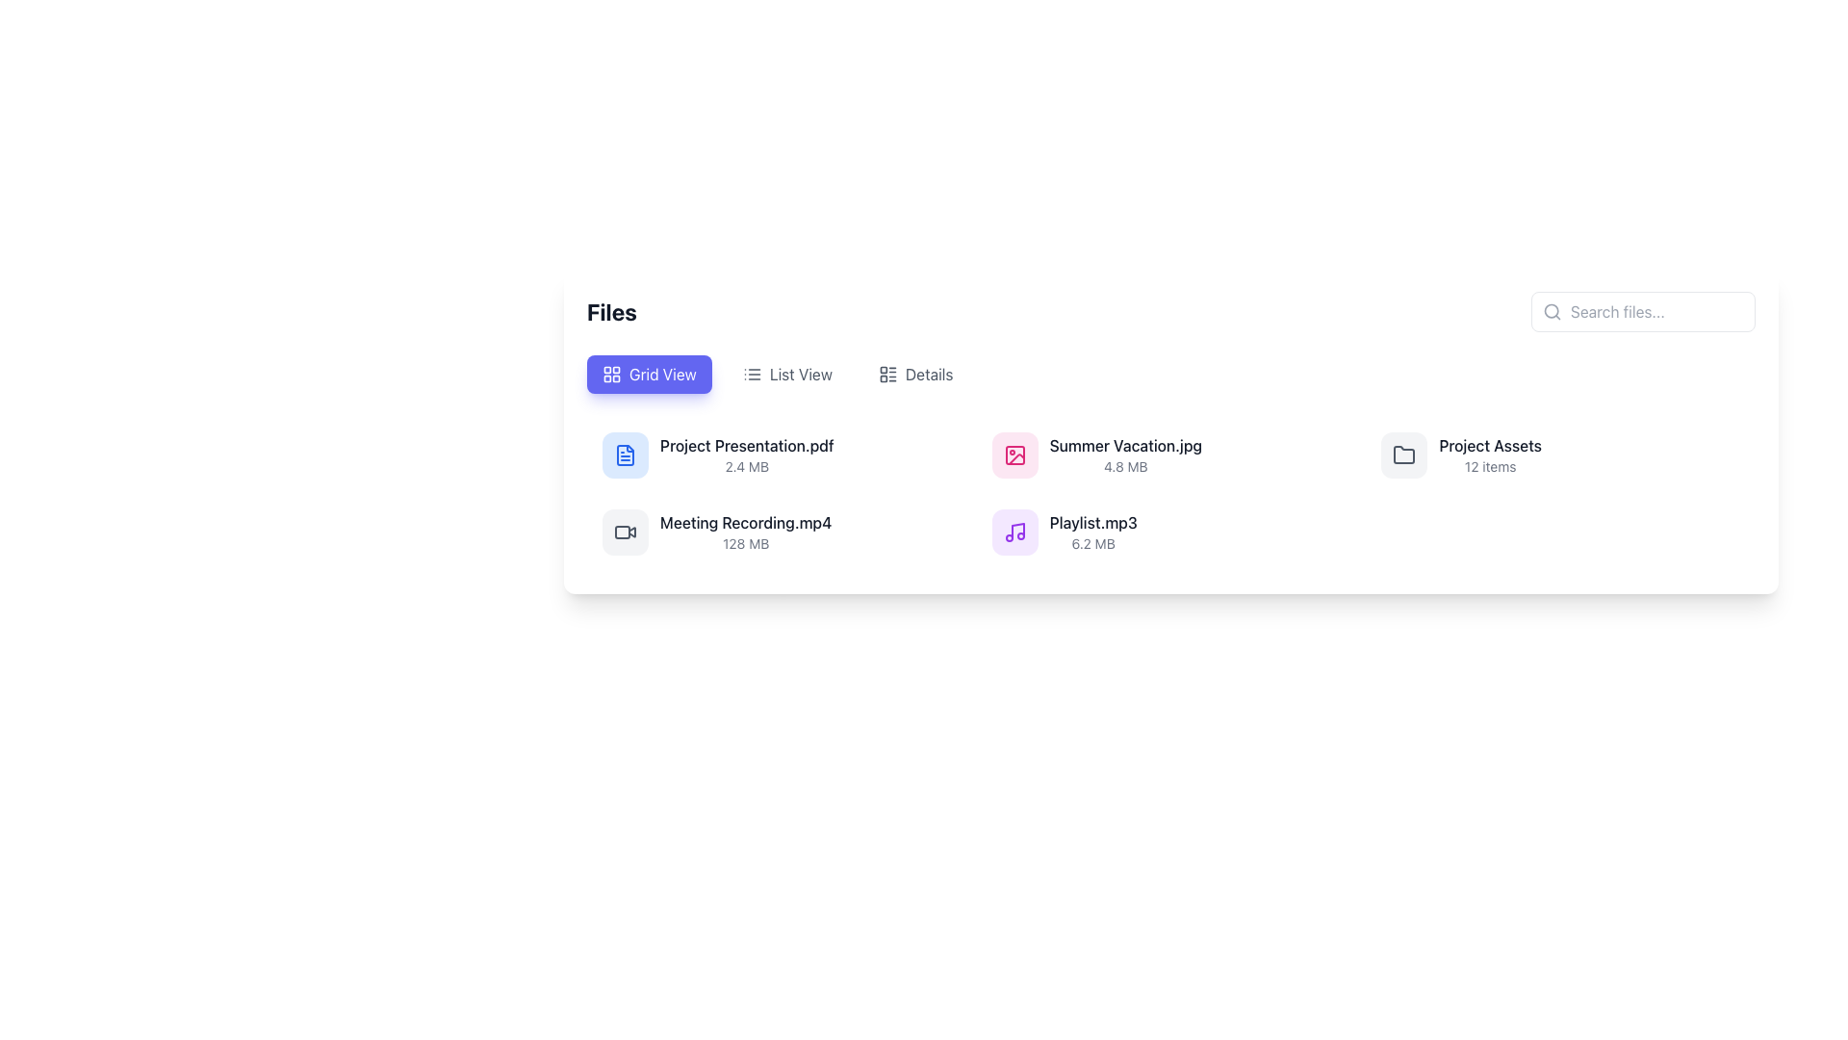 The image size is (1848, 1040). What do you see at coordinates (1014, 455) in the screenshot?
I see `the central rectangle of the SVG icon representing an image file placeholder, located near the 'Summer Vacation.jpg' label` at bounding box center [1014, 455].